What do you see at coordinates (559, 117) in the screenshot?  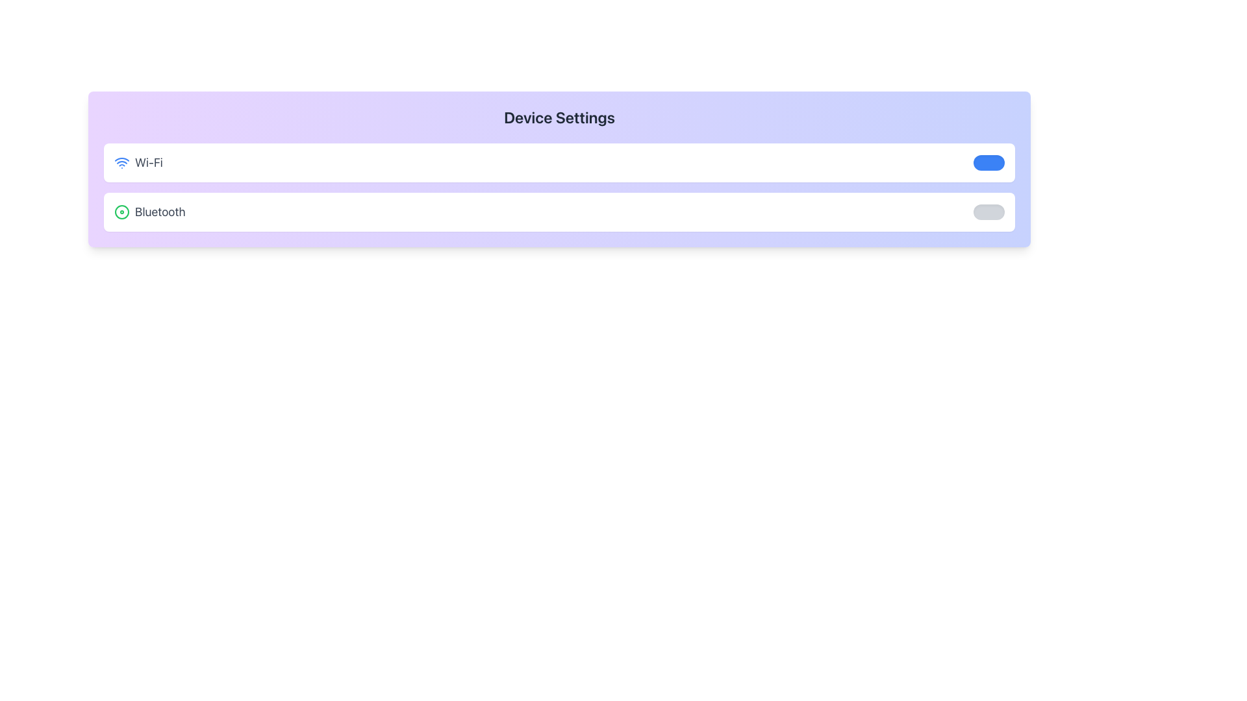 I see `the large, bold text label displaying 'Device Settings', which is centered at the top of the rounded panel with a gradient background` at bounding box center [559, 117].